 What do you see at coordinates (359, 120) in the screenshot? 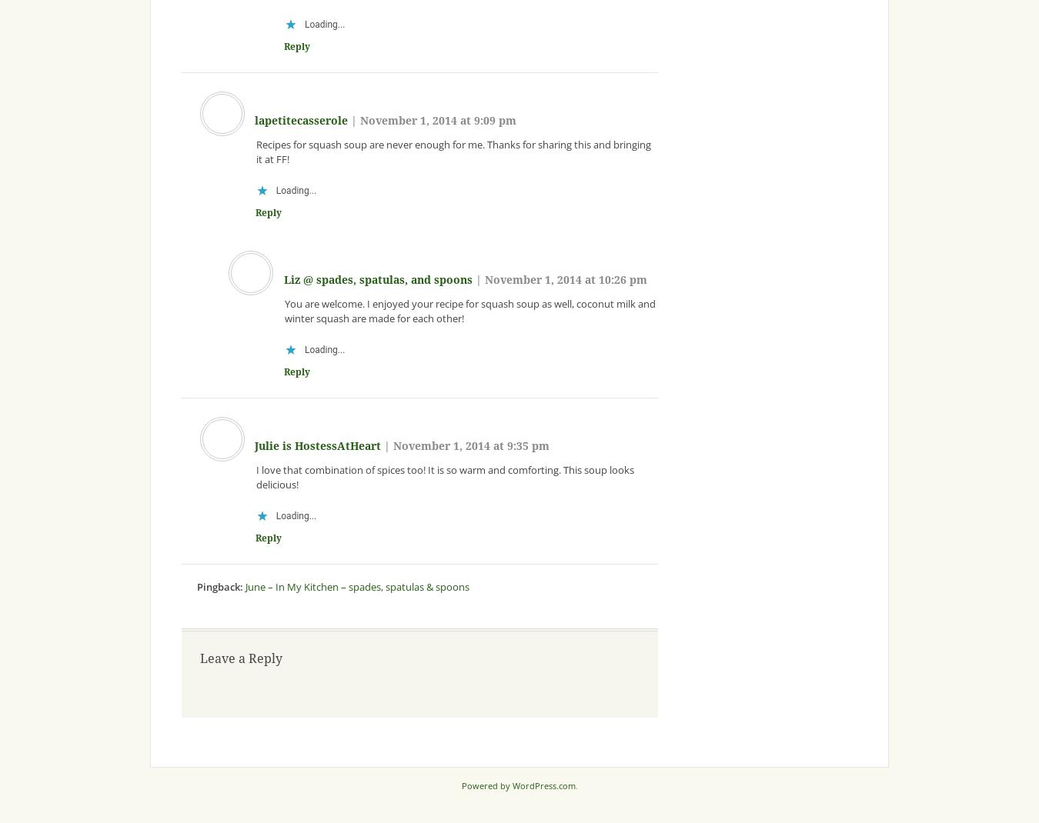
I see `'November 1, 2014 at 9:09 pm'` at bounding box center [359, 120].